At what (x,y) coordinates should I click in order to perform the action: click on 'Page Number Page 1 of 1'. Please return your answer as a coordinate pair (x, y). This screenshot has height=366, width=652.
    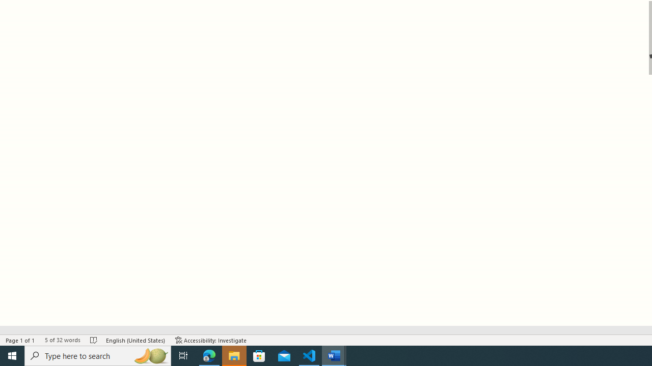
    Looking at the image, I should click on (20, 340).